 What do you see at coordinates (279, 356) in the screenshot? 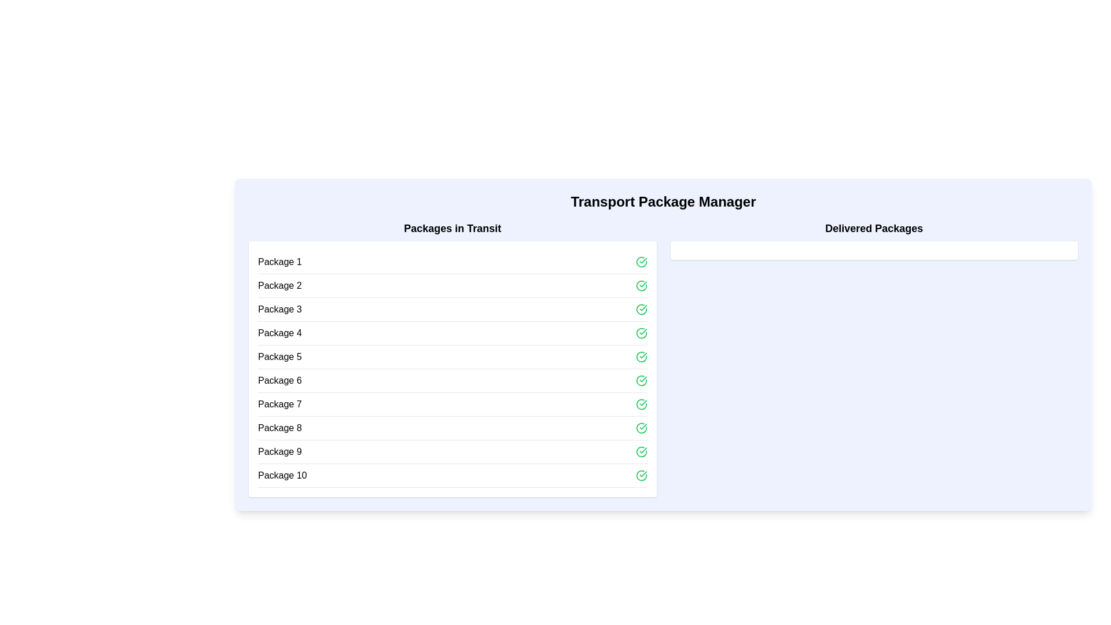
I see `the text label displaying 'Package 5', which is the fifth entry in the list of packages under 'Packages in Transit'` at bounding box center [279, 356].